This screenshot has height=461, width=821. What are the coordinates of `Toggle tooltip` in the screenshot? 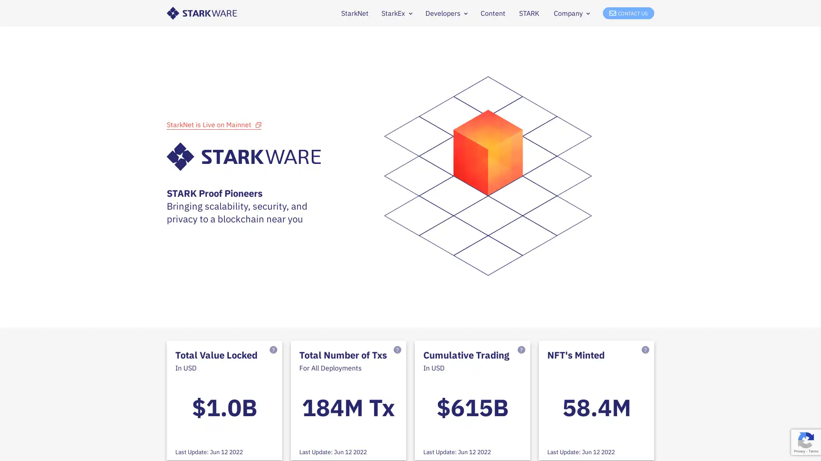 It's located at (645, 351).